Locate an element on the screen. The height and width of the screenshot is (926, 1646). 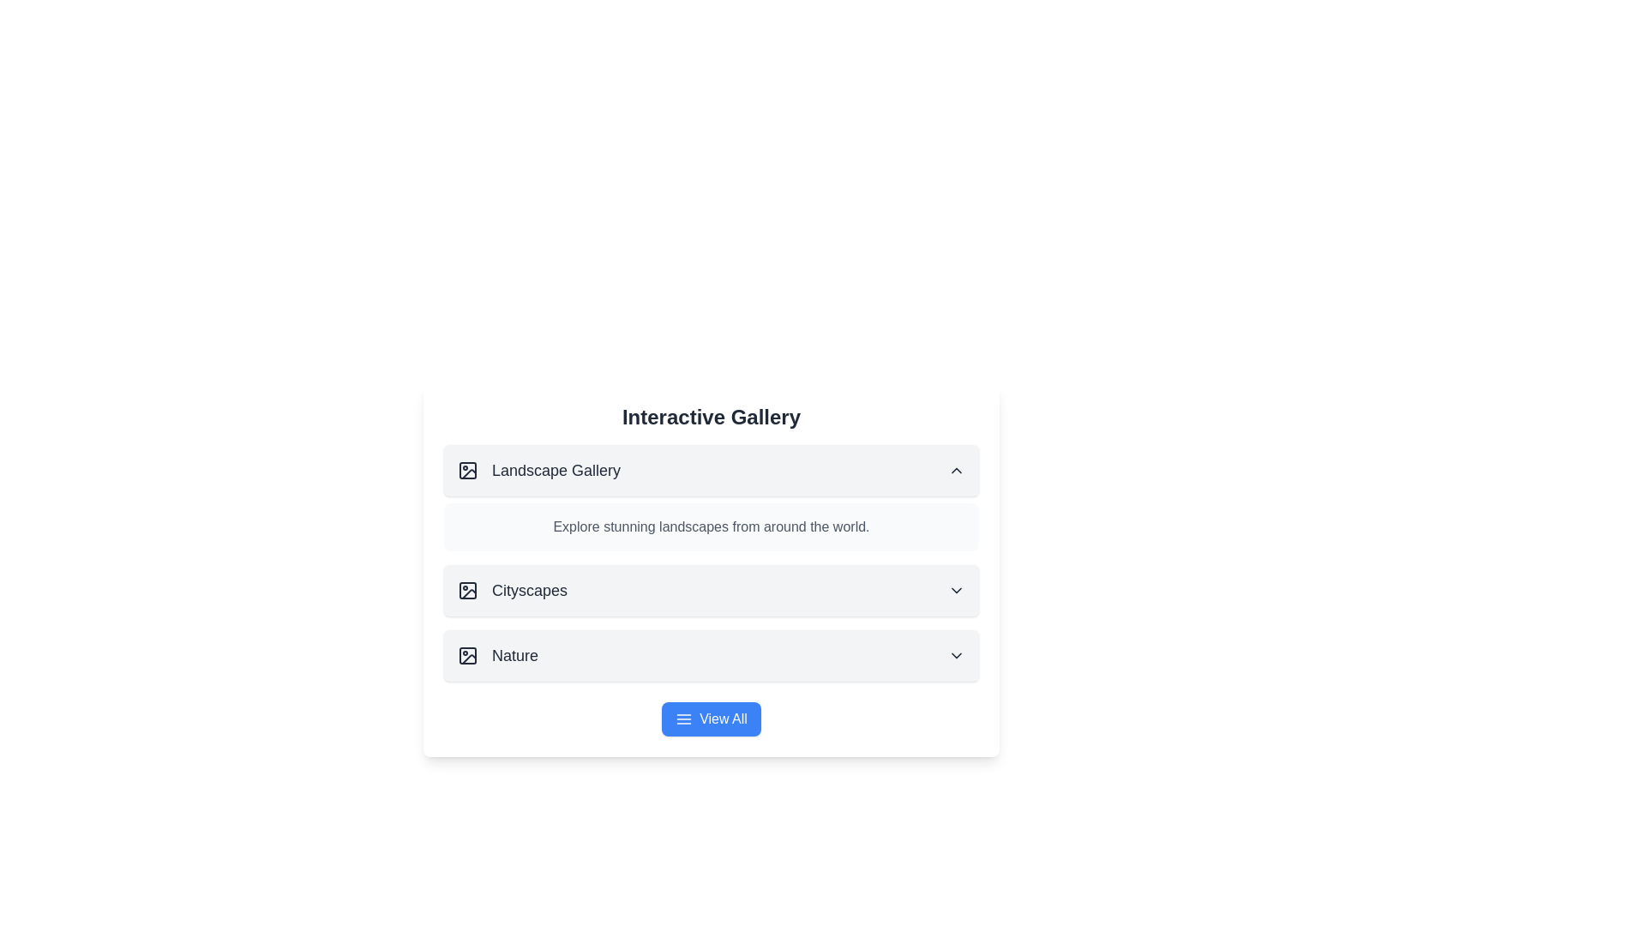
the Dropdown Toggle Icon is located at coordinates (956, 655).